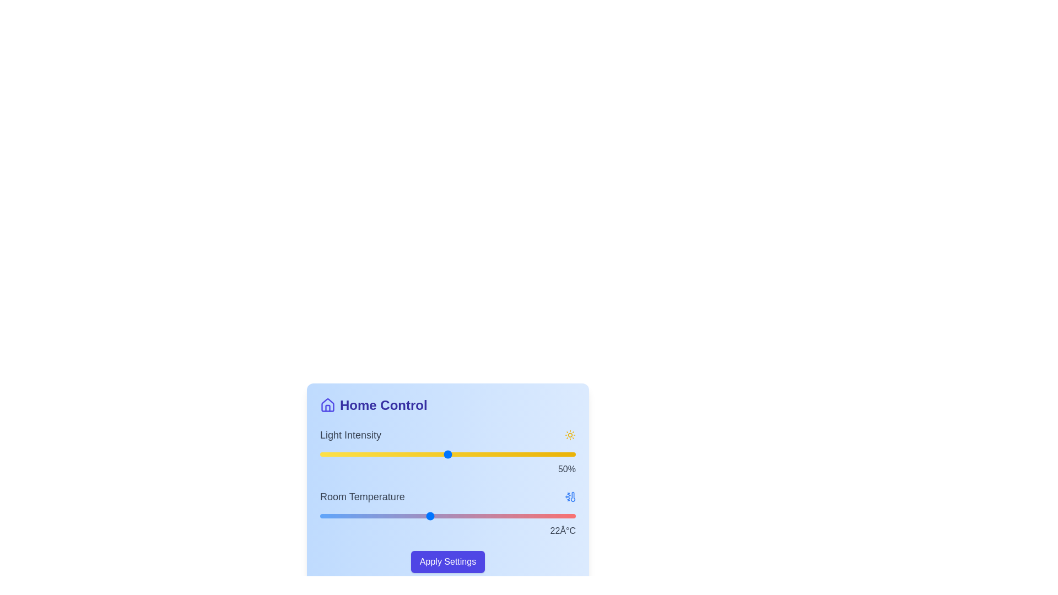 Image resolution: width=1058 pixels, height=595 pixels. What do you see at coordinates (429, 516) in the screenshot?
I see `the room temperature slider to 22 degrees Celsius` at bounding box center [429, 516].